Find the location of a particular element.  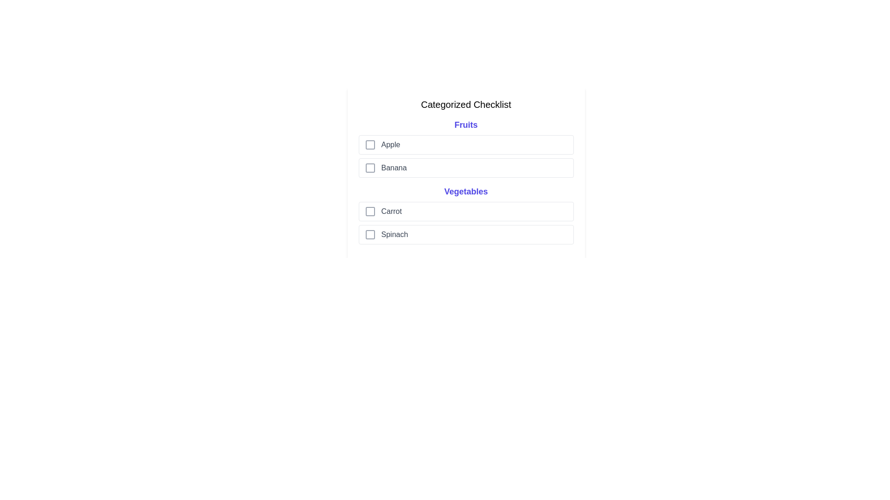

the text label that reads 'Carrot', styled with a medium font weight and gray color, located within the vegetable checklist to the right of the checkbox icon is located at coordinates (391, 211).